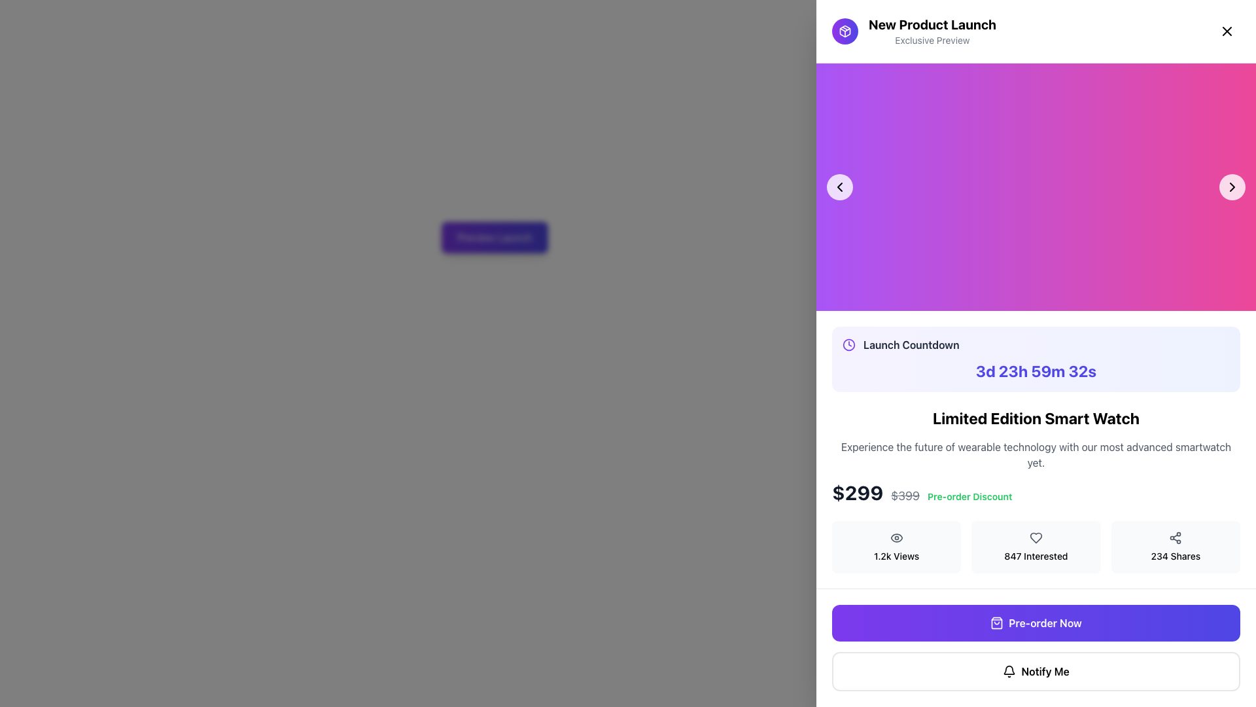 This screenshot has height=707, width=1256. I want to click on the 'Pre-order Now' button, which is a vibrant gradient button with bold white text, located at the bottom of the product details section, aligned to the right side, so click(1045, 623).